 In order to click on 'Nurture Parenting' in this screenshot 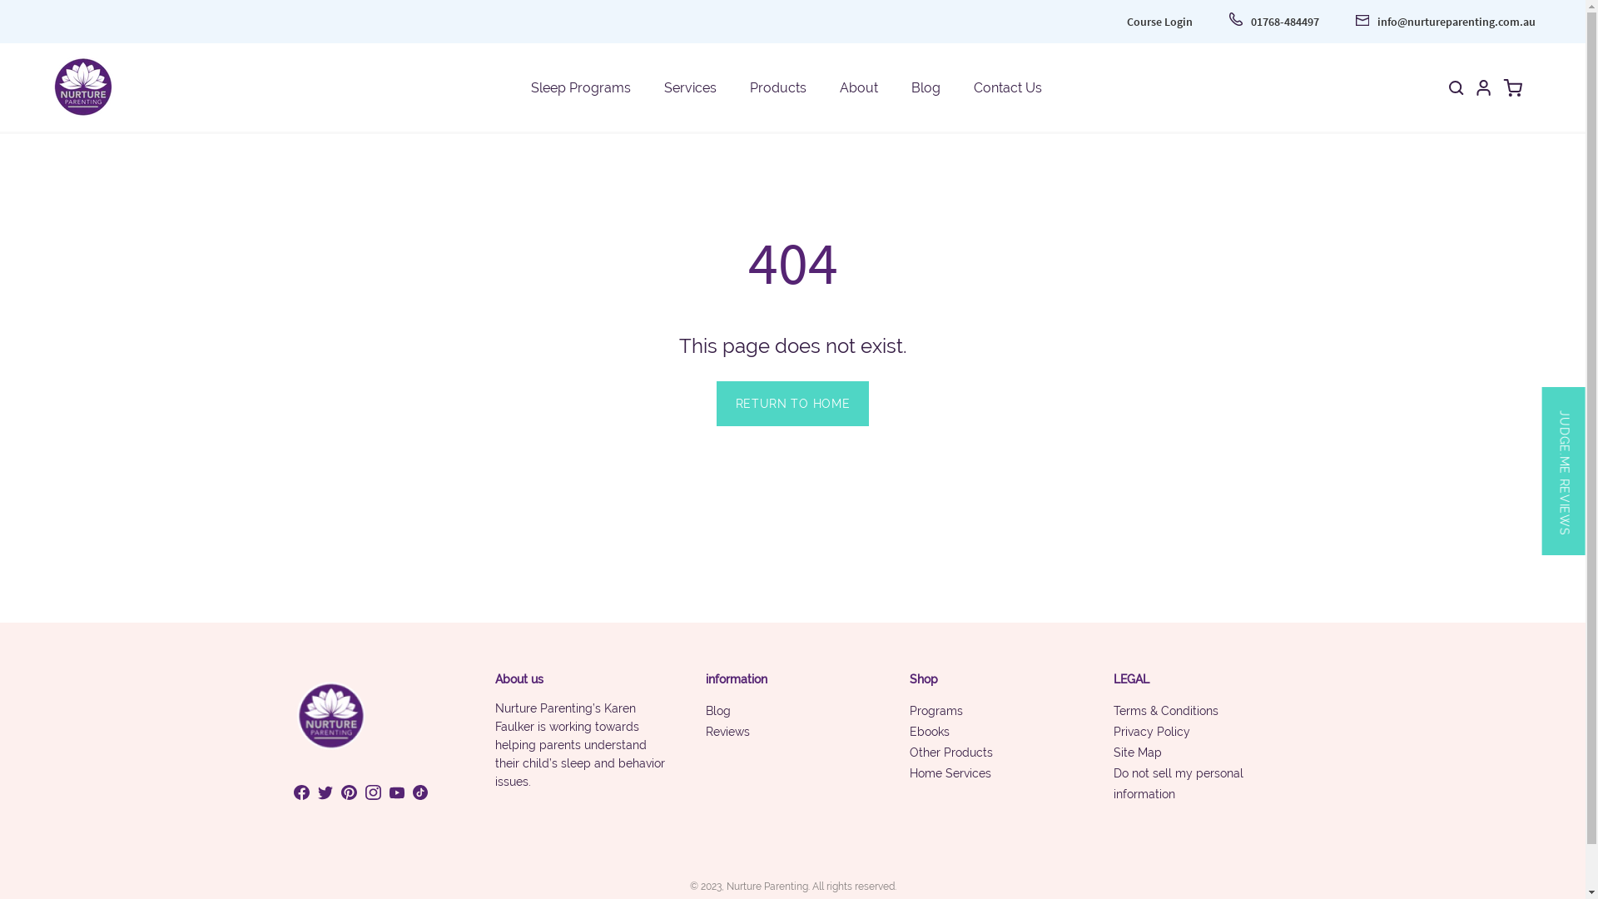, I will do `click(726, 885)`.